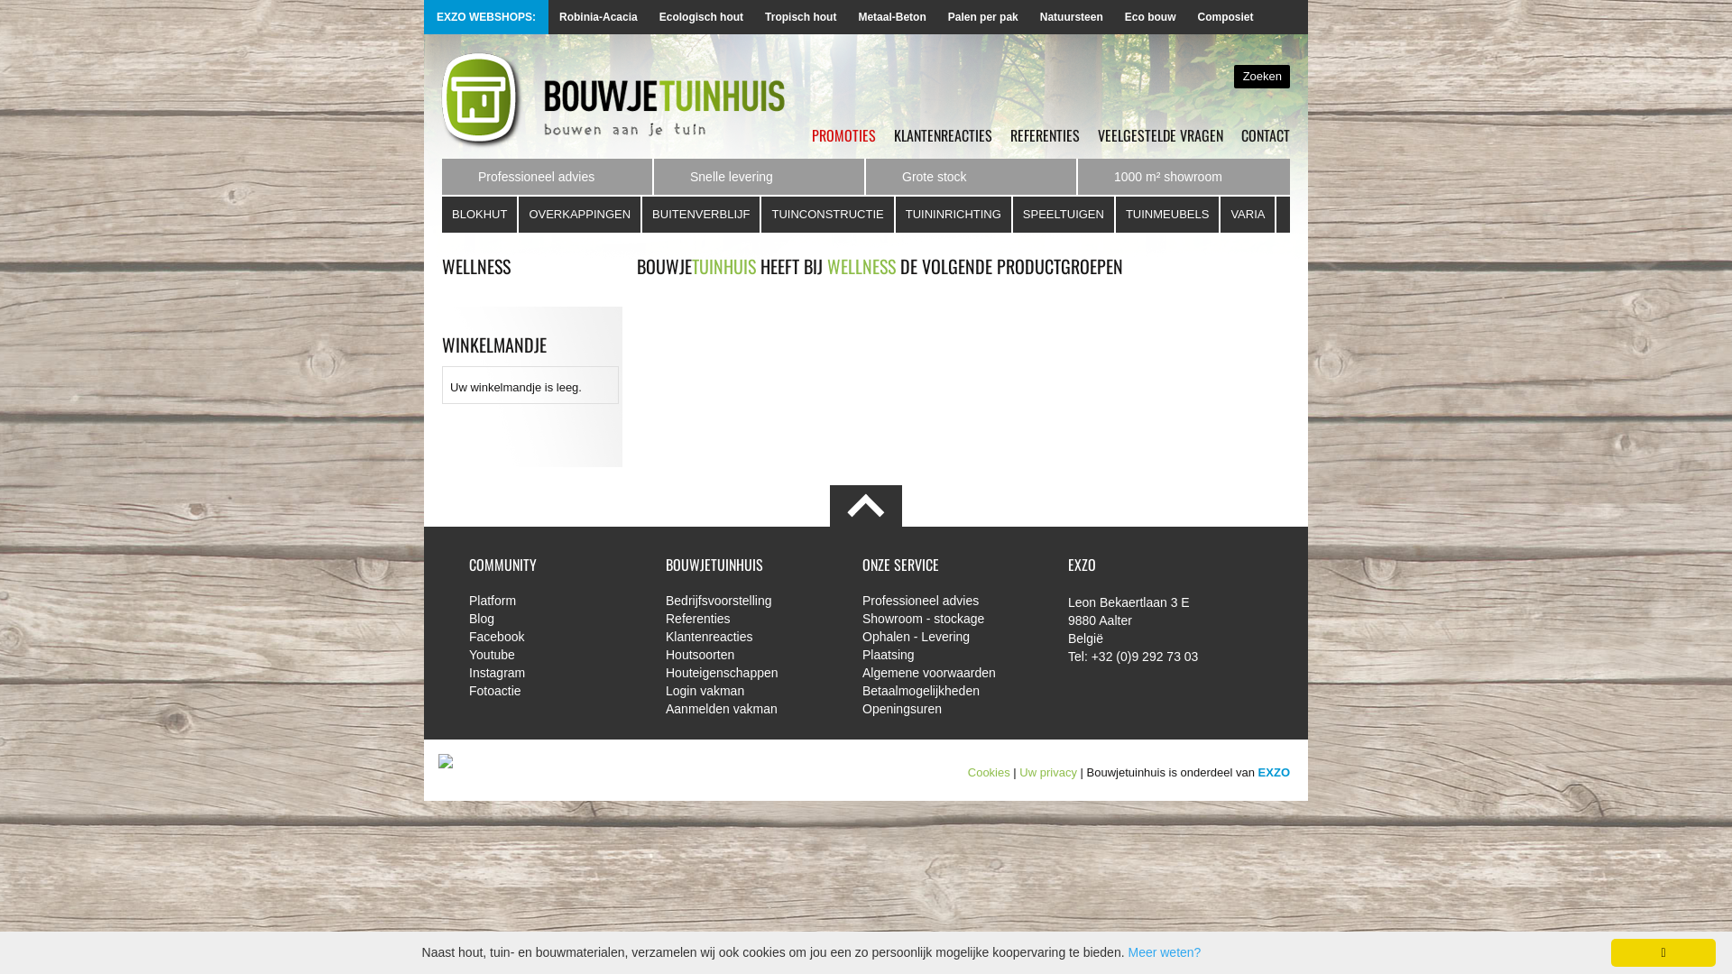 The width and height of the screenshot is (1732, 974). What do you see at coordinates (750, 690) in the screenshot?
I see `'Login vakman'` at bounding box center [750, 690].